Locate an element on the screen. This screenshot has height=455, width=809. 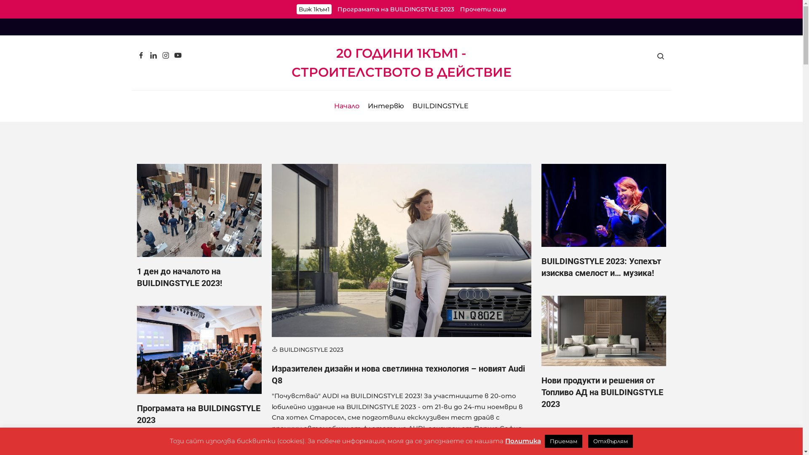
'BUILDINGSTYLE' is located at coordinates (413, 105).